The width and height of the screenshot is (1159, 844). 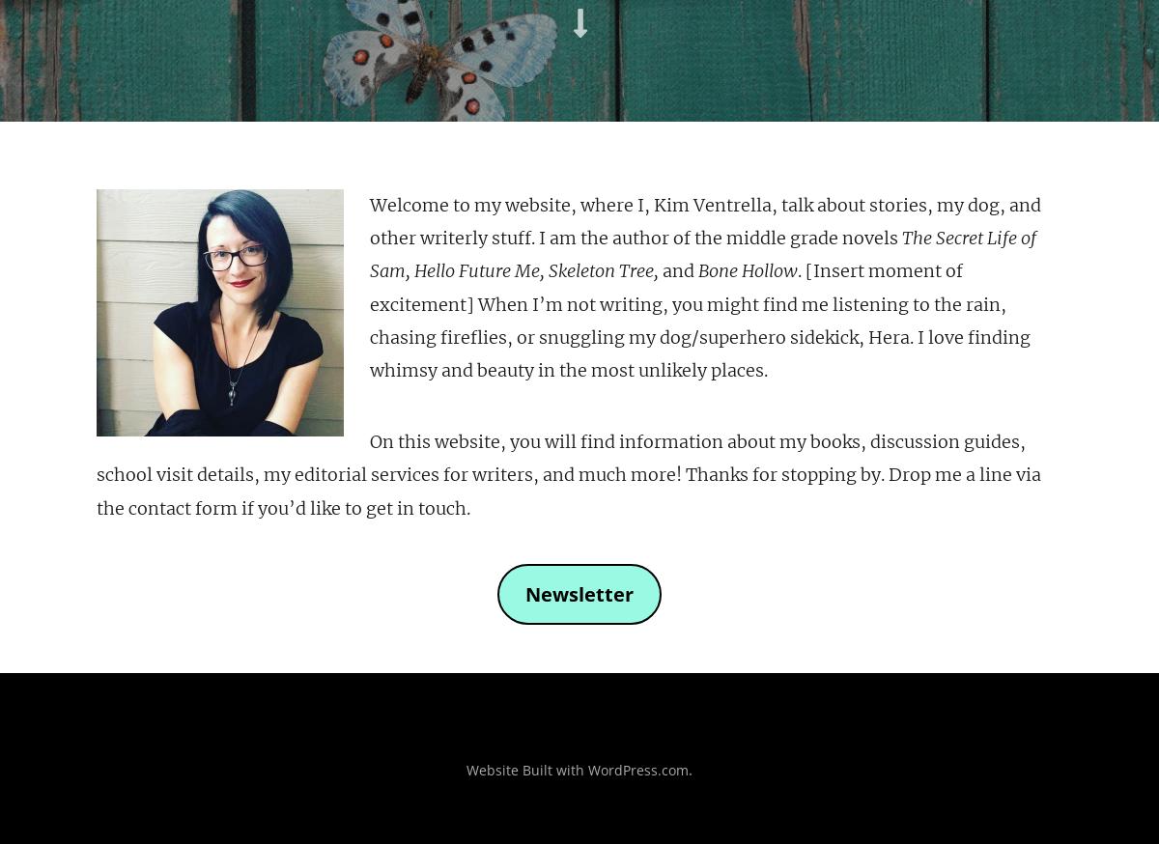 I want to click on 'Follow', so click(x=1080, y=95).